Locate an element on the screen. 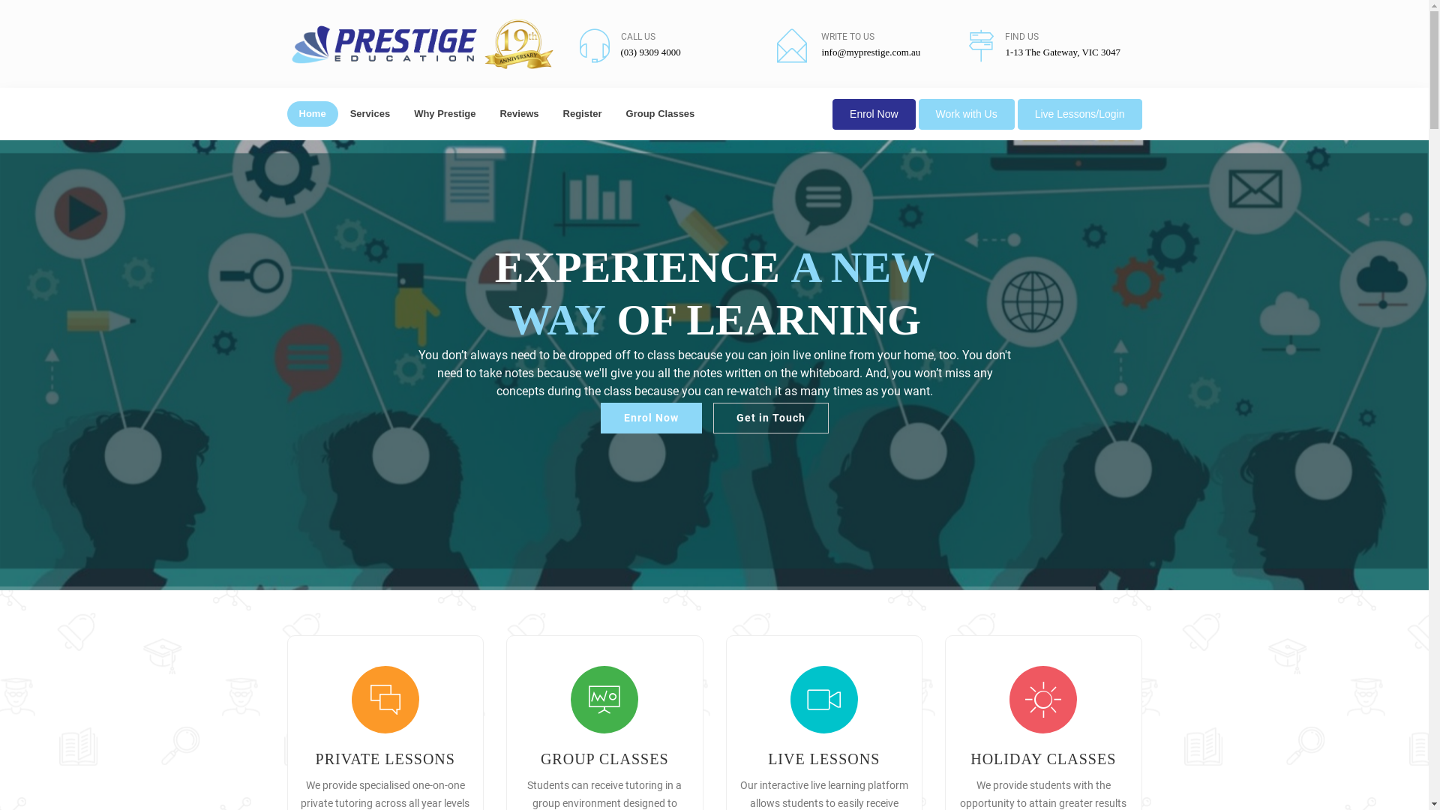  'LIVE LESSONS' is located at coordinates (823, 758).